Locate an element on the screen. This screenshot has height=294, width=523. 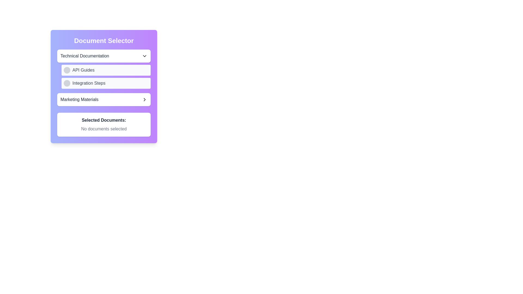
the 'API Guides' button, which is a horizontal rectangular button with rounded corners and a light gray background, located in the Document Selector panel is located at coordinates (106, 70).